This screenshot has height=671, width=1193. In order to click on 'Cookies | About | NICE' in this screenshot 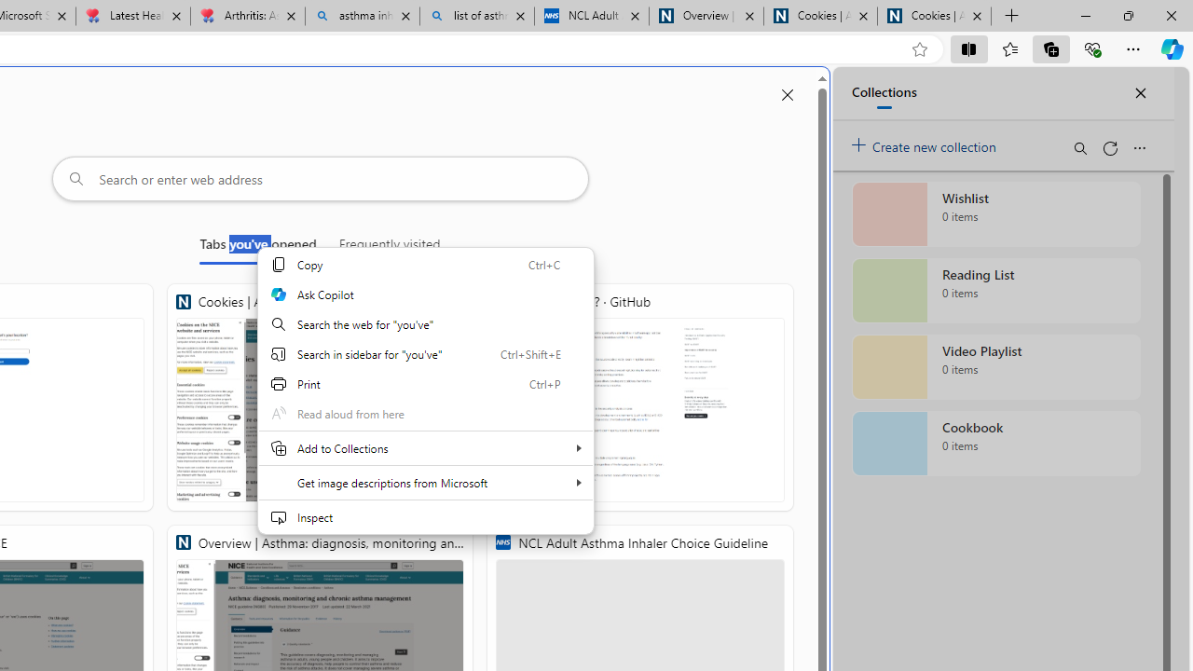, I will do `click(934, 16)`.